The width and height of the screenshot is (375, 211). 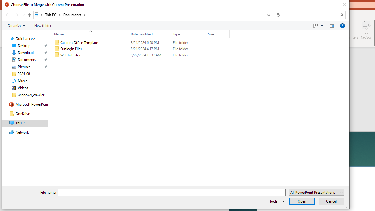 What do you see at coordinates (74, 14) in the screenshot?
I see `'Documents'` at bounding box center [74, 14].